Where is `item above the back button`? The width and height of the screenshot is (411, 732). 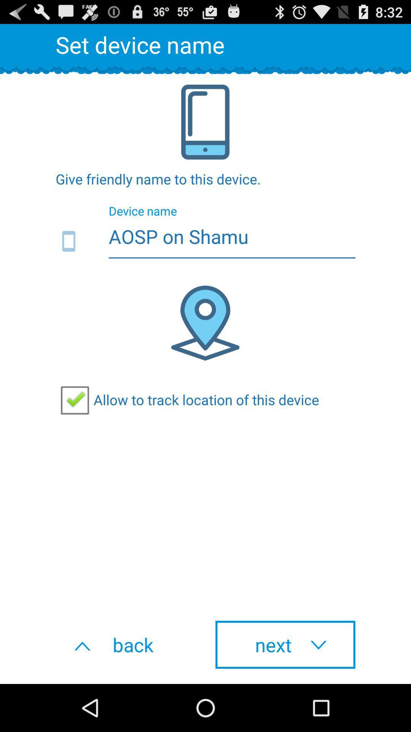 item above the back button is located at coordinates (187, 399).